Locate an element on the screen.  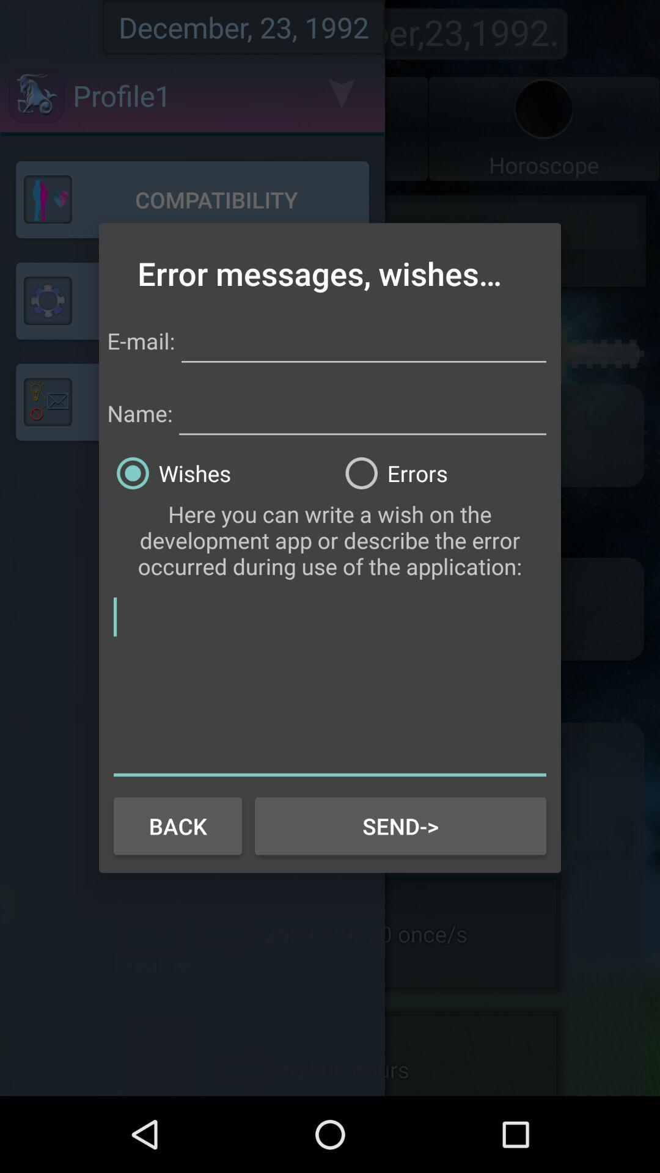
the button next to the back is located at coordinates (400, 826).